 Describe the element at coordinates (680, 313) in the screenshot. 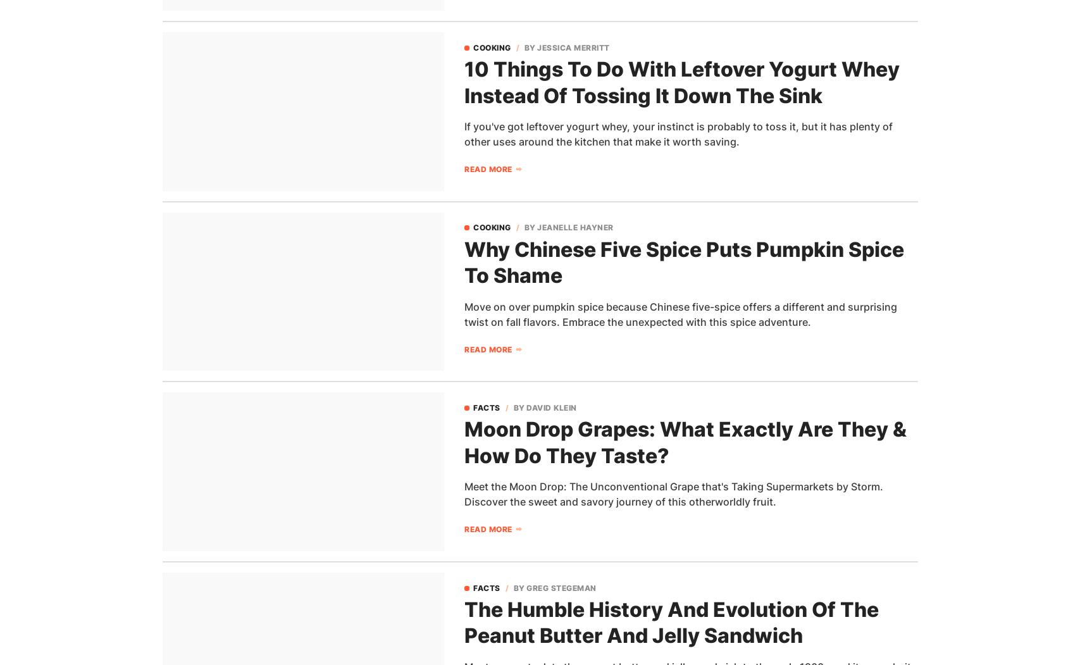

I see `'Move on over pumpkin spice because Chinese five-spice offers a different and surprising twist on fall flavors. Embrace the unexpected with this spice adventure.'` at that location.